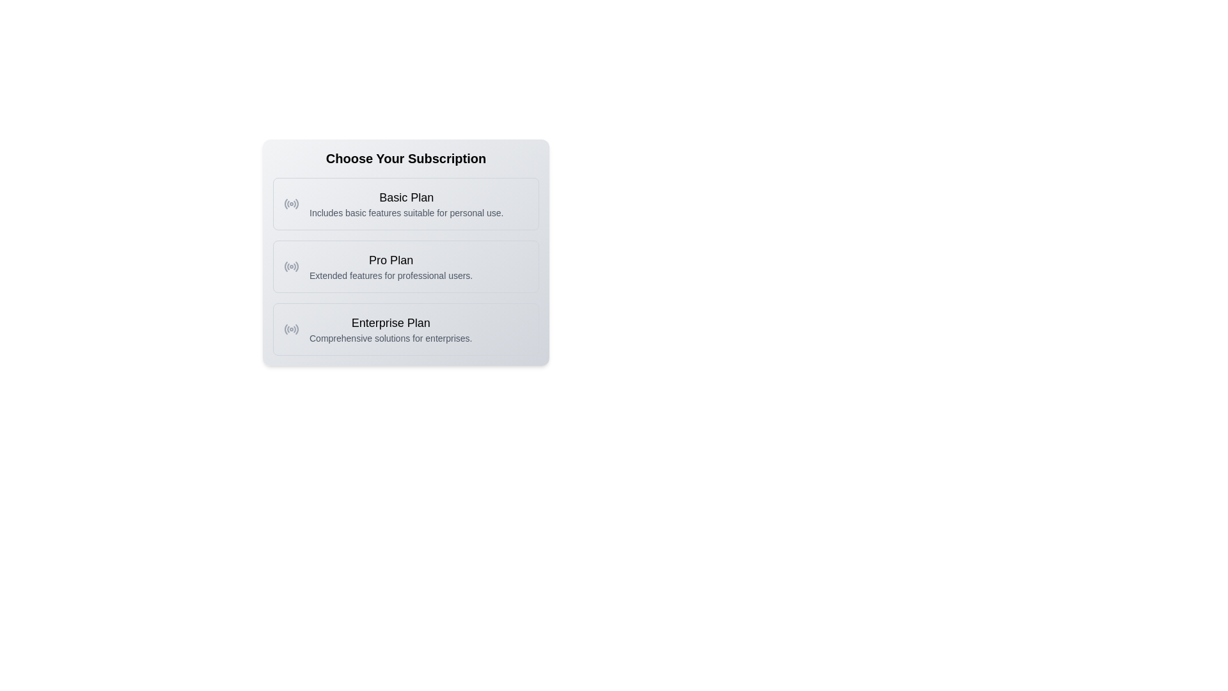 Image resolution: width=1228 pixels, height=691 pixels. I want to click on the decorative icon representing the 'Pro Plan' option, located to the left of the 'Pro Plan' text in the subscription selection list, so click(291, 266).